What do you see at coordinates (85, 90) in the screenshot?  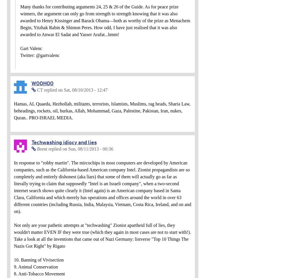 I see `'Sat, 08/10/2013 - 12:47'` at bounding box center [85, 90].